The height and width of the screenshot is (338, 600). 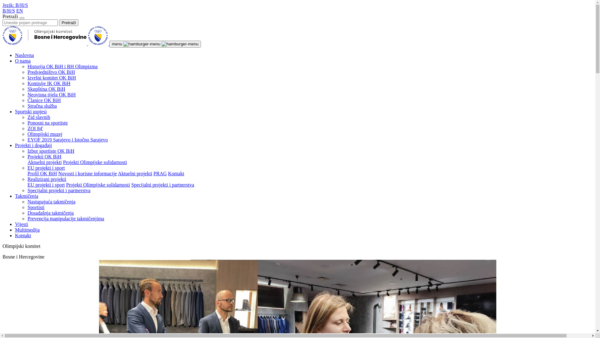 I want to click on 'Naslovna', so click(x=24, y=55).